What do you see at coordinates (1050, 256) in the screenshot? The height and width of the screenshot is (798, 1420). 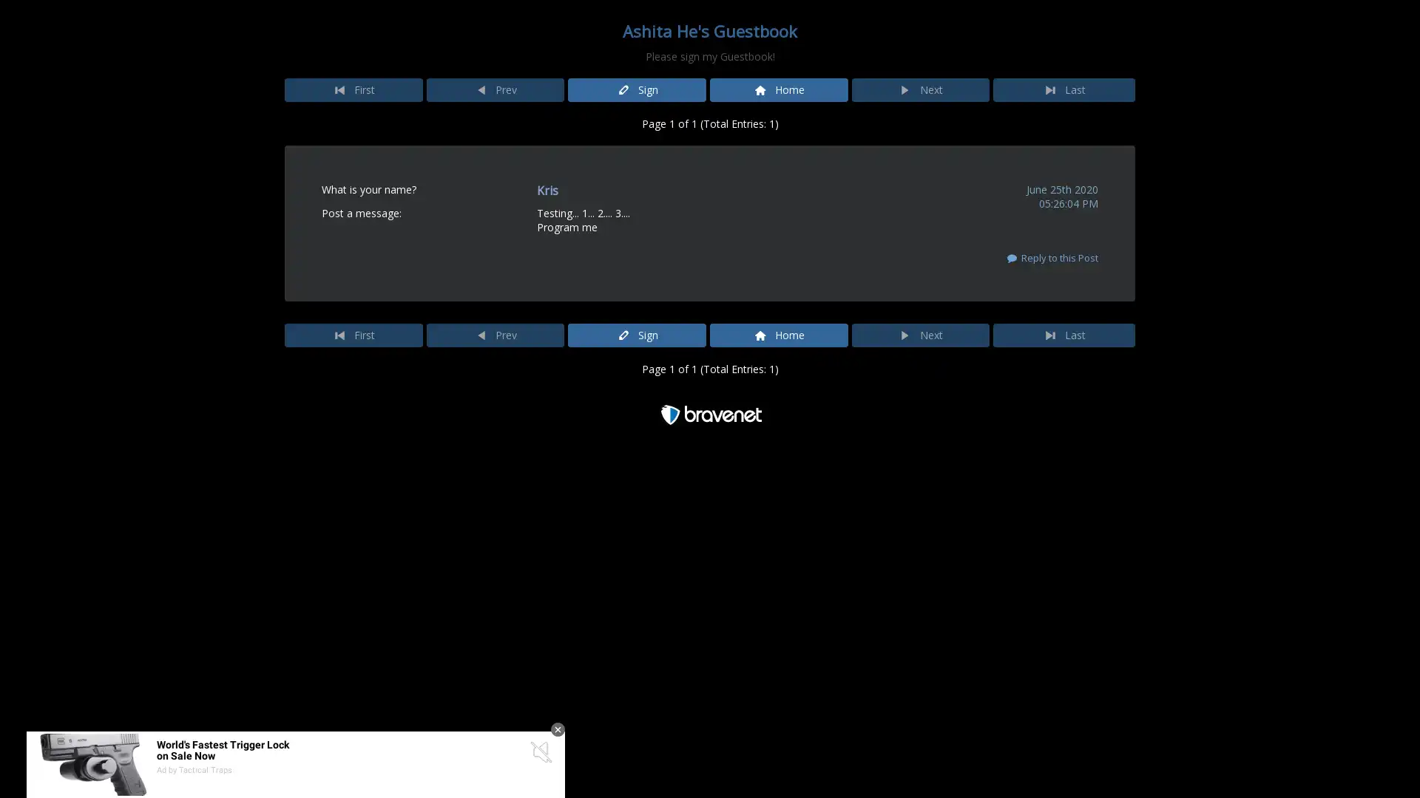 I see `Reply to this Post` at bounding box center [1050, 256].